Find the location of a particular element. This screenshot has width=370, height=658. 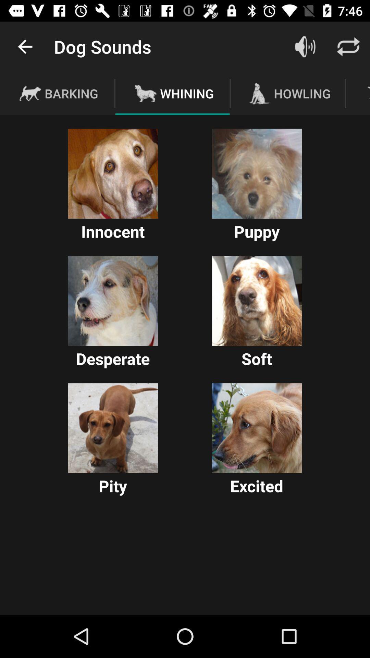

item to the left of the dog sounds icon is located at coordinates (25, 46).